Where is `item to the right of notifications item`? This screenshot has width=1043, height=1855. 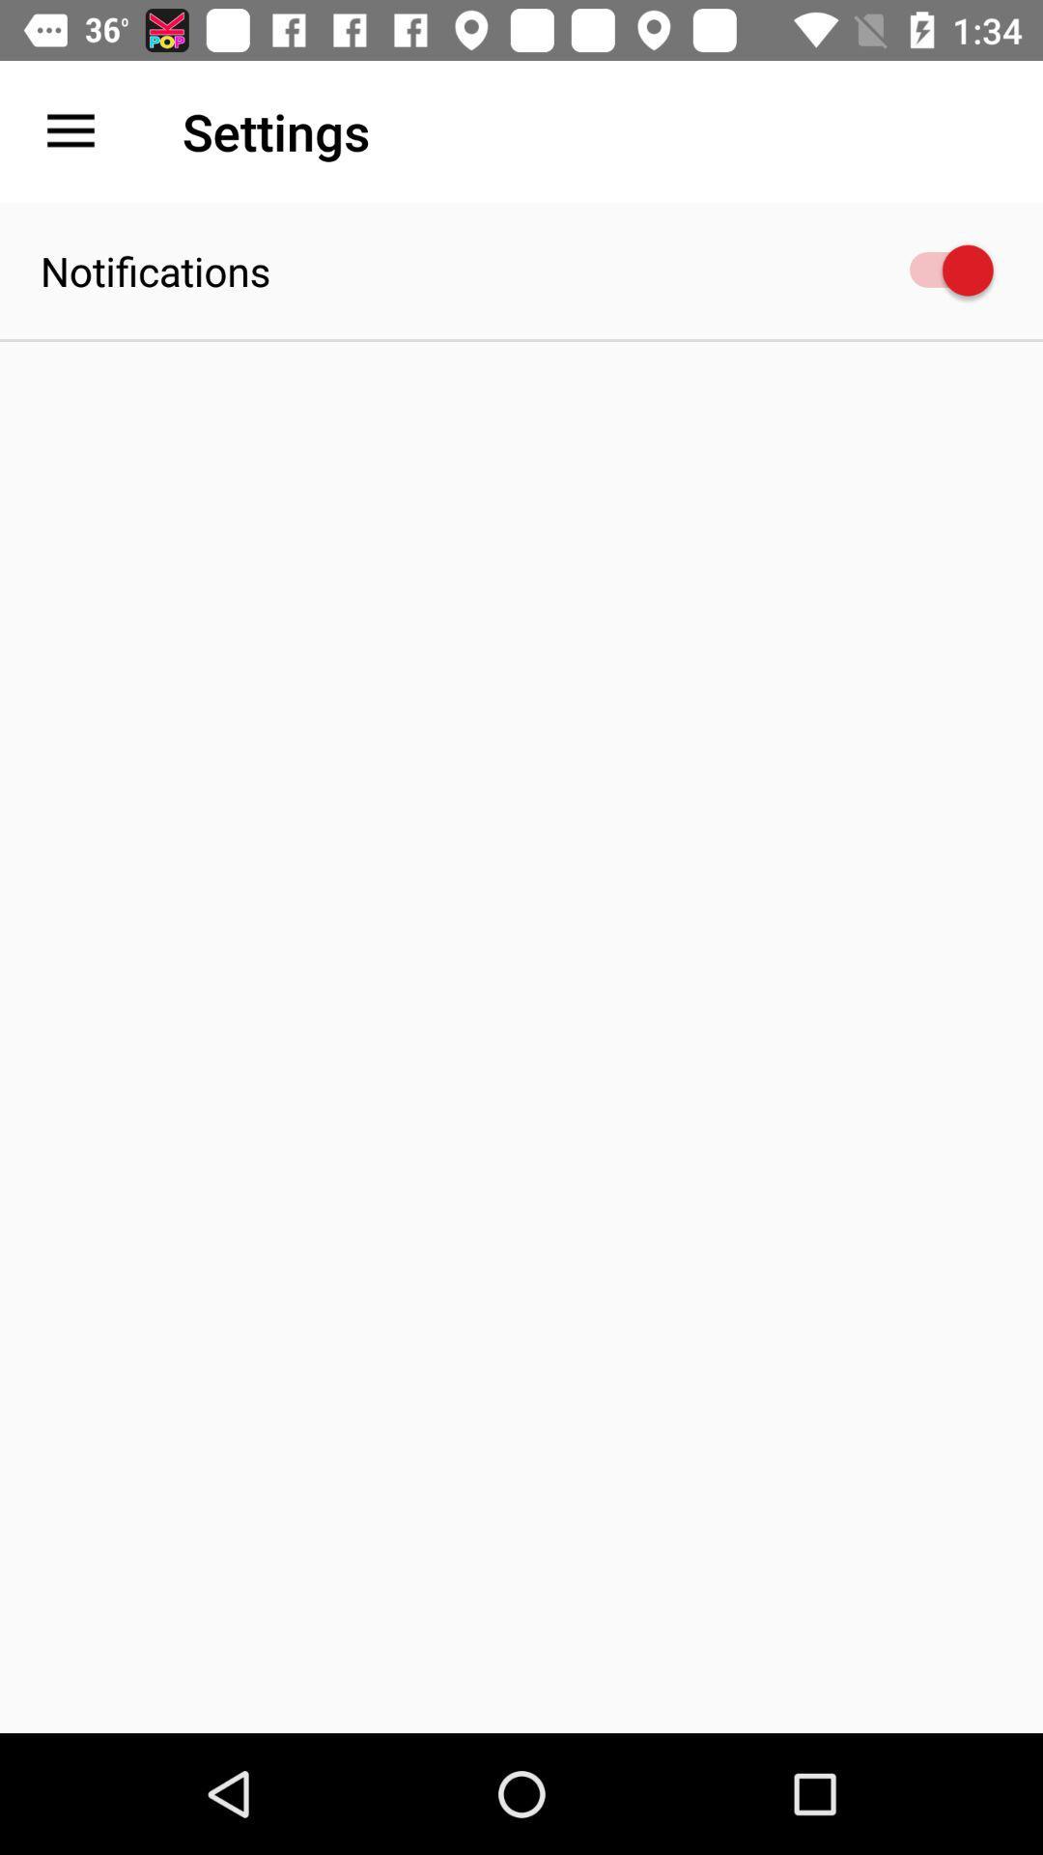 item to the right of notifications item is located at coordinates (941, 270).